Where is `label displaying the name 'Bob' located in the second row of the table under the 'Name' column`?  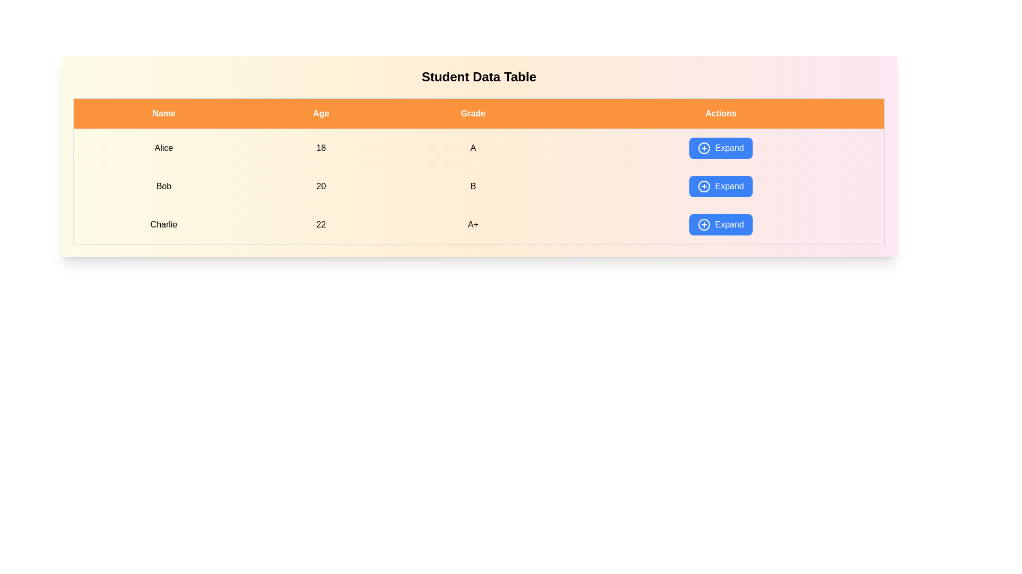 label displaying the name 'Bob' located in the second row of the table under the 'Name' column is located at coordinates (163, 186).